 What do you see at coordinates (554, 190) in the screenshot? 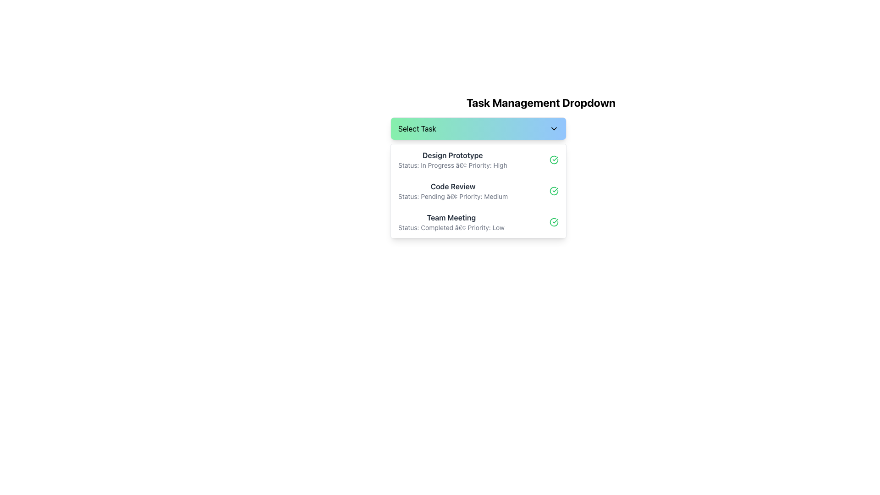
I see `the success icon with a checkmark in the 'Code Review' row of the 'Task Management Dropdown', located at the far right near 'Status: Pending • Priority: Medium'` at bounding box center [554, 190].